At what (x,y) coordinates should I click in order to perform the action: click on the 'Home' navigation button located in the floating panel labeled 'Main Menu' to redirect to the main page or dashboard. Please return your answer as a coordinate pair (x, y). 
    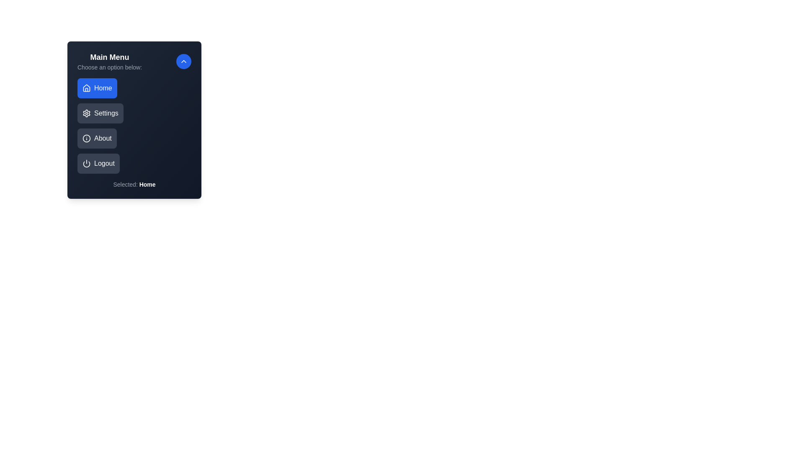
    Looking at the image, I should click on (97, 88).